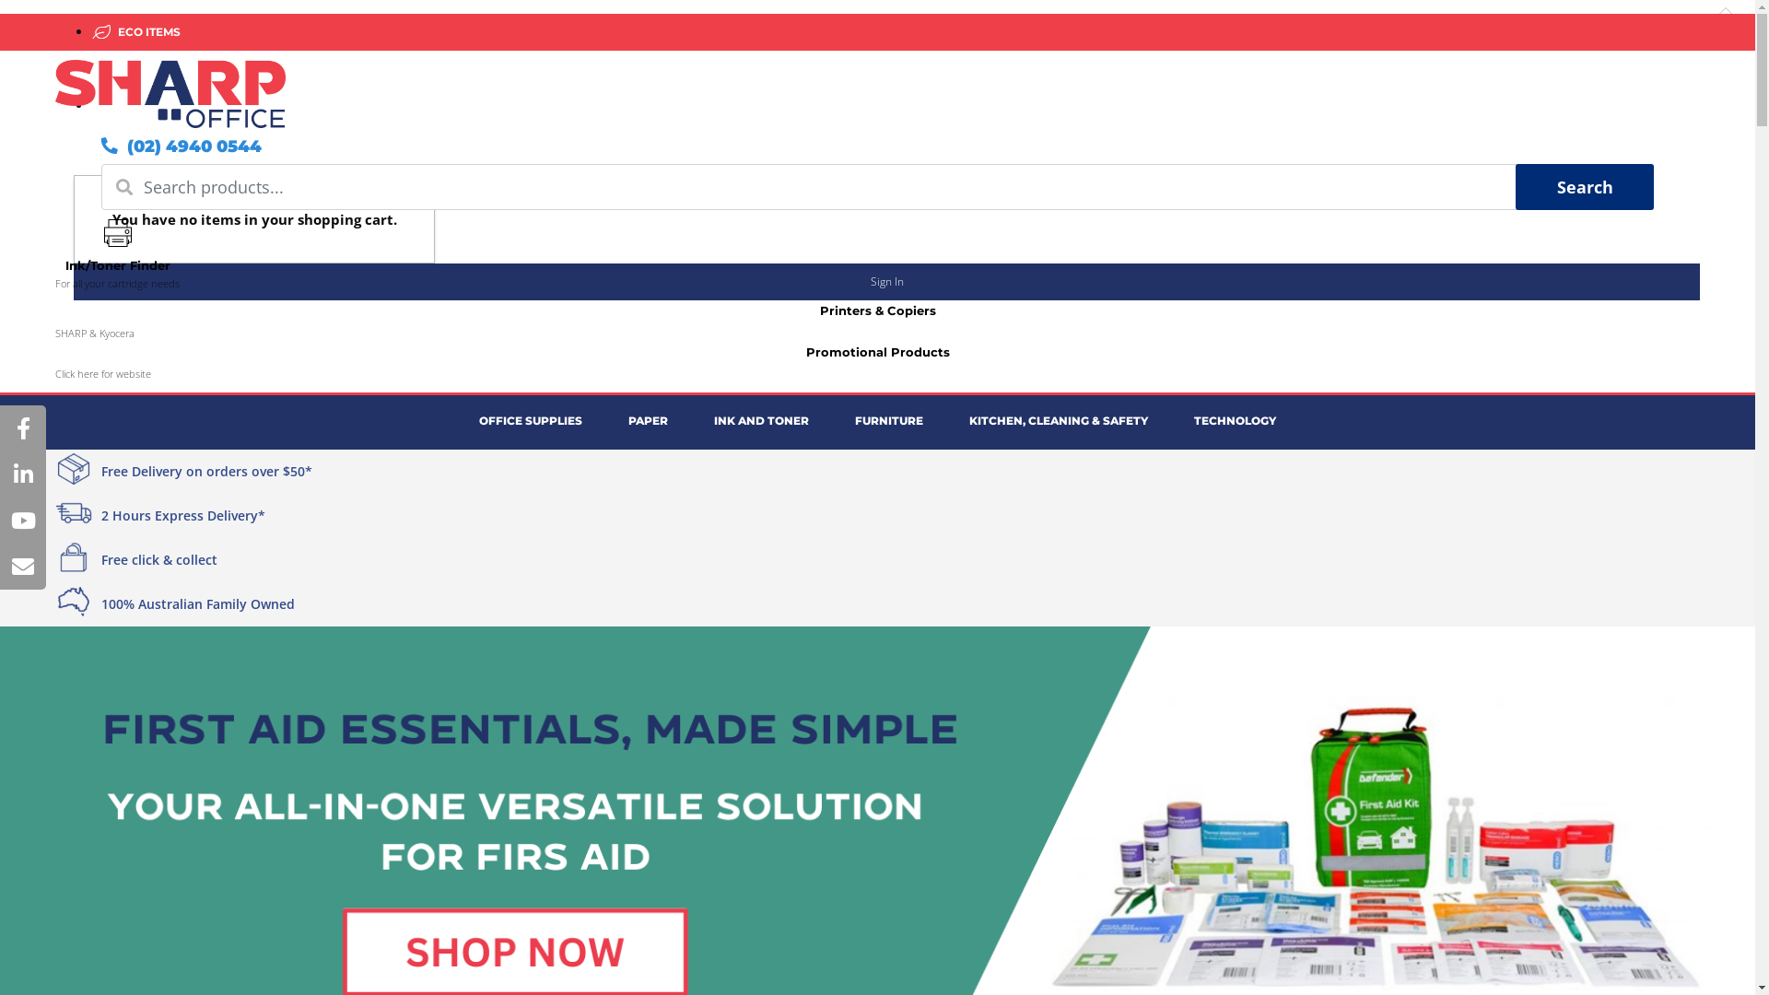 Image resolution: width=1769 pixels, height=995 pixels. What do you see at coordinates (1235, 420) in the screenshot?
I see `'TECHNOLOGY'` at bounding box center [1235, 420].